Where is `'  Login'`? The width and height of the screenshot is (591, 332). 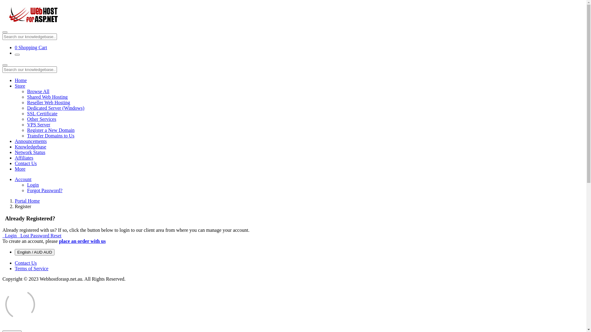 '  Login' is located at coordinates (10, 235).